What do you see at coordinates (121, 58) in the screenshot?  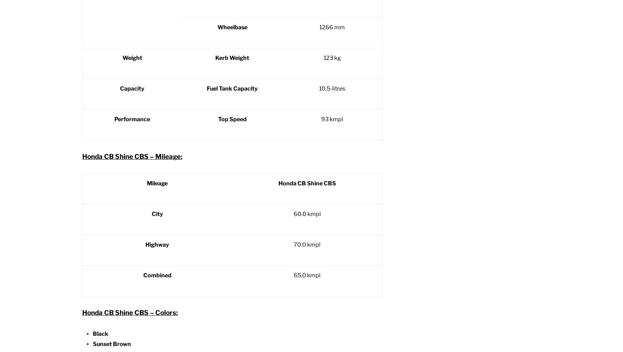 I see `'Weight'` at bounding box center [121, 58].